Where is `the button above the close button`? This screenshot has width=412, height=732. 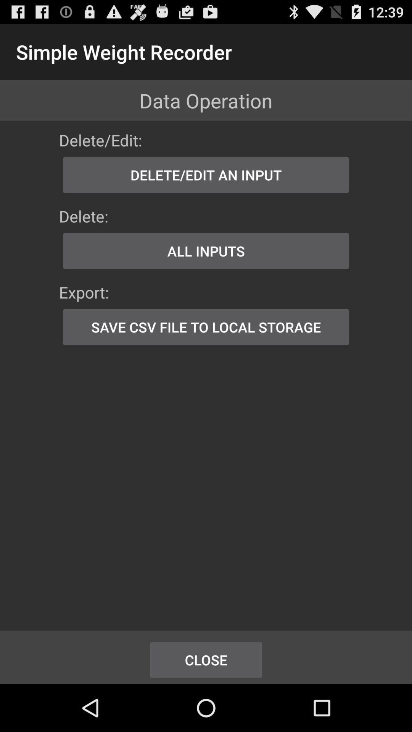
the button above the close button is located at coordinates (206, 327).